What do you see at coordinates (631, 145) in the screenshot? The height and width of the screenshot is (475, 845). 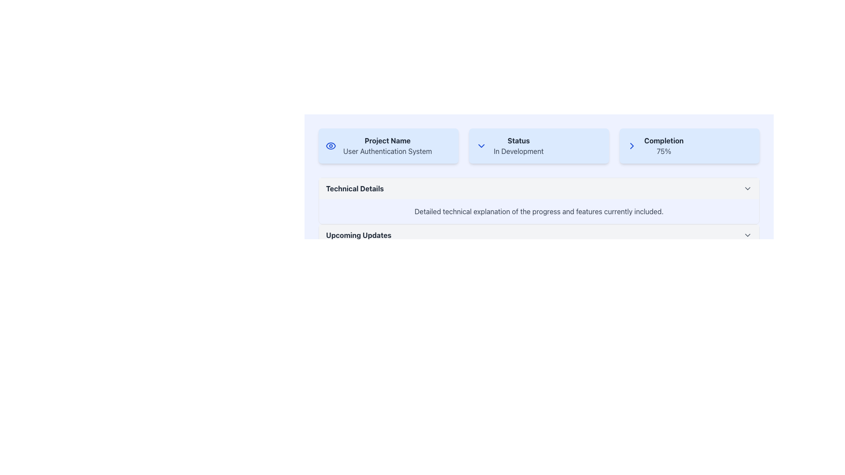 I see `blue rightward-pointing chevron icon located within the 'Completion75%' box, positioned to the left of the '75%' text` at bounding box center [631, 145].